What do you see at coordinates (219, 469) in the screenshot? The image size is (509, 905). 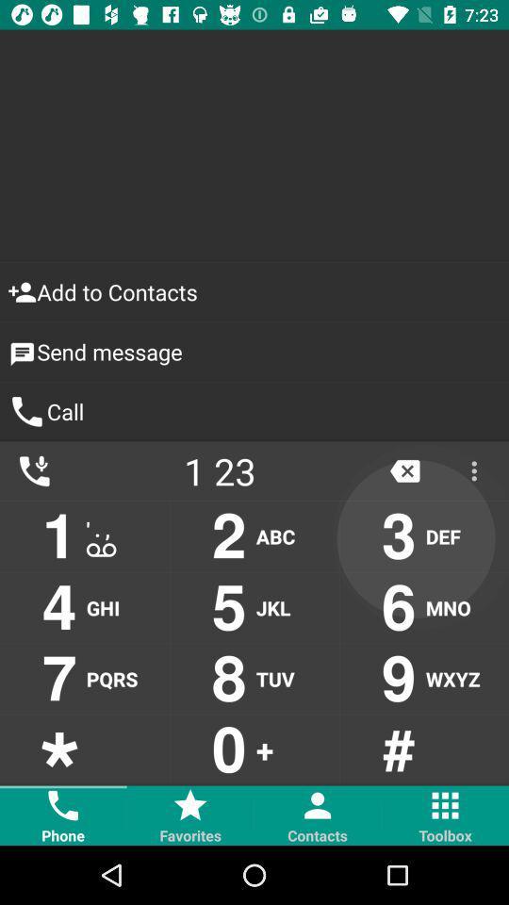 I see `item below call icon` at bounding box center [219, 469].